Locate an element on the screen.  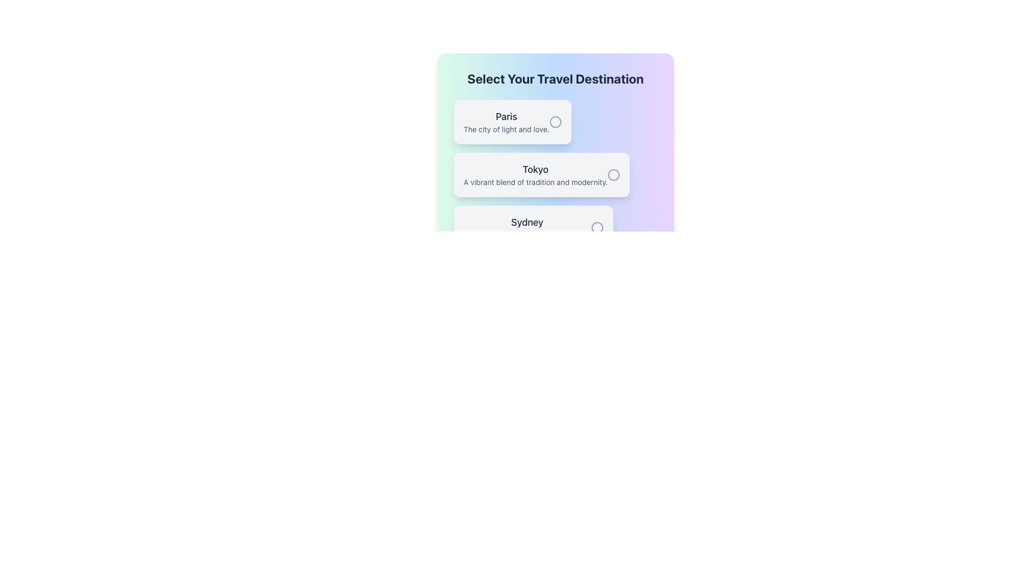
the interactive list item for 'Tokyo', which is centrally is located at coordinates (555, 160).